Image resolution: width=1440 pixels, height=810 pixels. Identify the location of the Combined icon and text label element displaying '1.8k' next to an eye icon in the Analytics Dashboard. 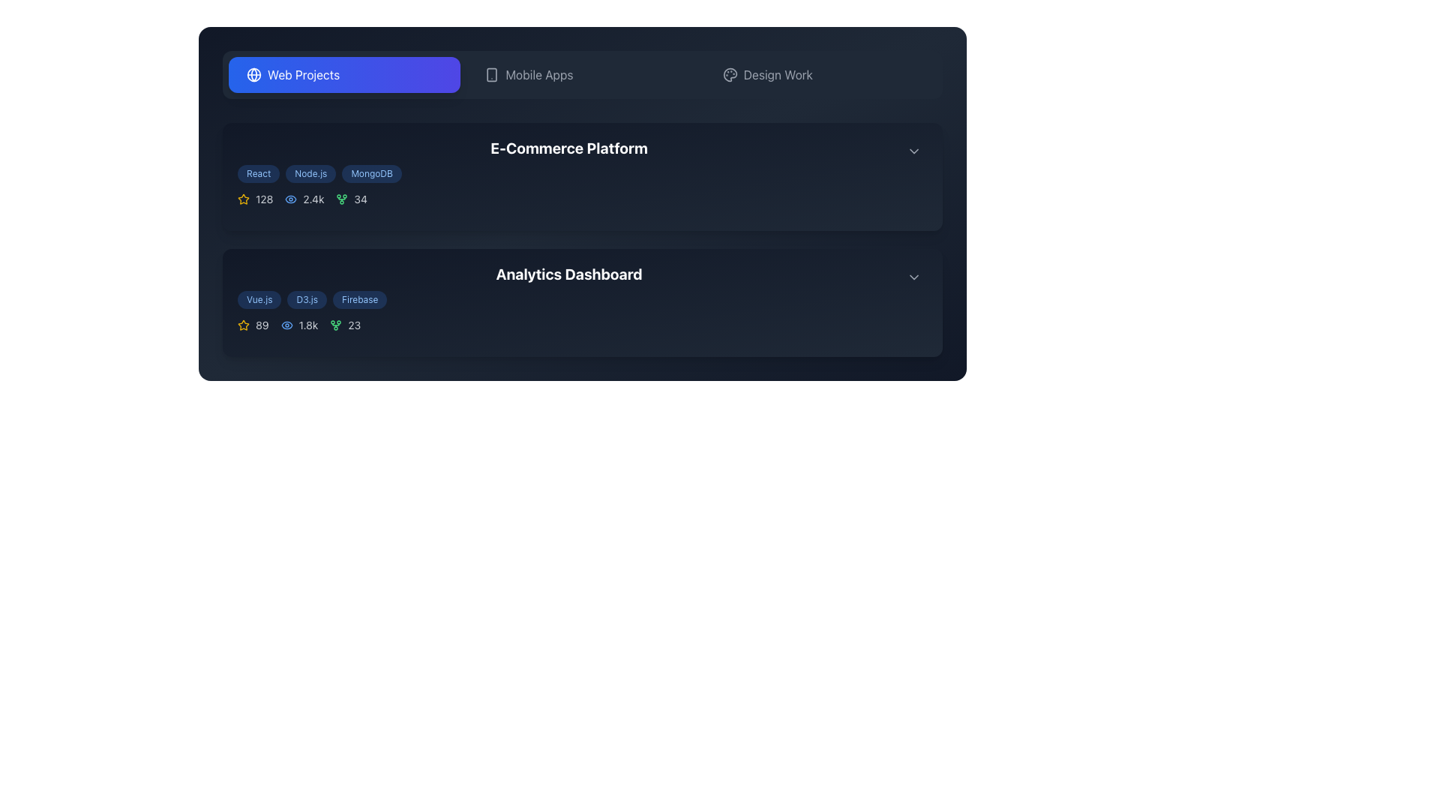
(299, 325).